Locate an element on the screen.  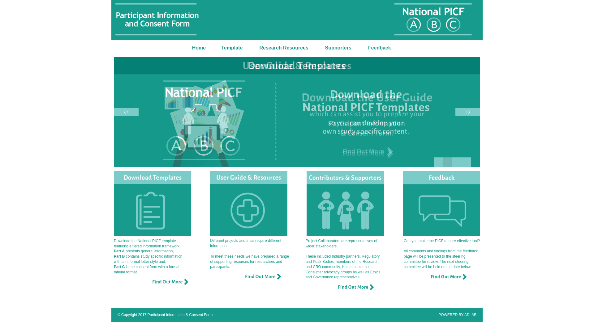
'Supporters' is located at coordinates (338, 47).